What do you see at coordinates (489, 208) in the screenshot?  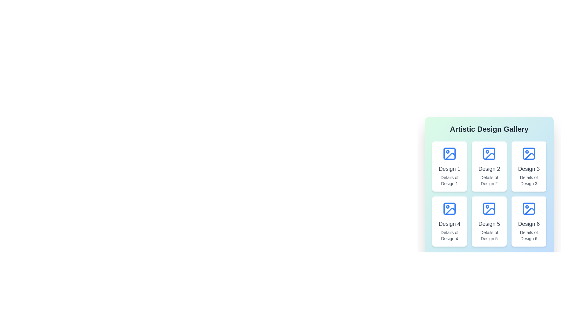 I see `the design card icon labeled 'Design 5' located in the top region of the card in the artistic design gallery` at bounding box center [489, 208].